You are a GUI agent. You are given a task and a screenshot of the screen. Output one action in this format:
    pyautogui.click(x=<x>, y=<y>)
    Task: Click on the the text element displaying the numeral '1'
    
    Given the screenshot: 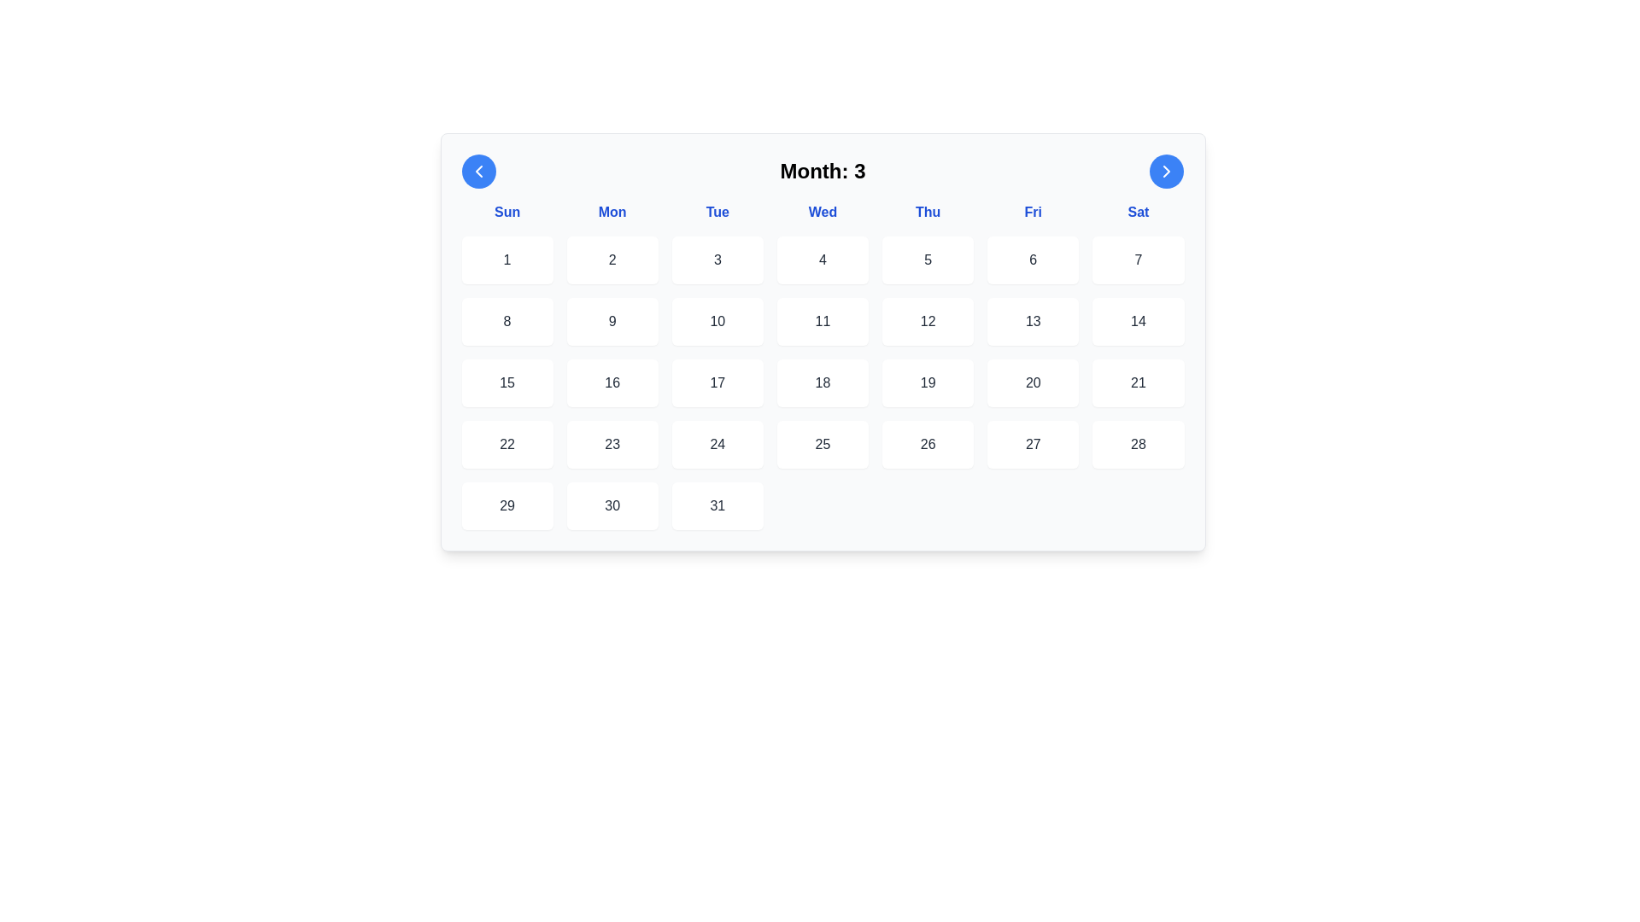 What is the action you would take?
    pyautogui.click(x=507, y=260)
    